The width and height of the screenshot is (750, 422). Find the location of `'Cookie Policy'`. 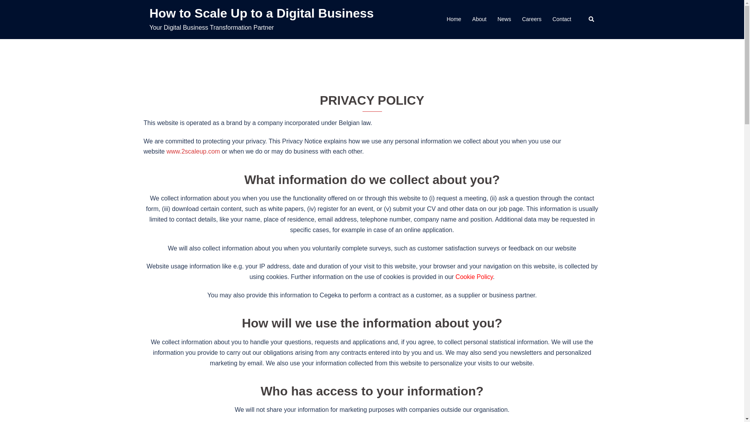

'Cookie Policy' is located at coordinates (455, 276).